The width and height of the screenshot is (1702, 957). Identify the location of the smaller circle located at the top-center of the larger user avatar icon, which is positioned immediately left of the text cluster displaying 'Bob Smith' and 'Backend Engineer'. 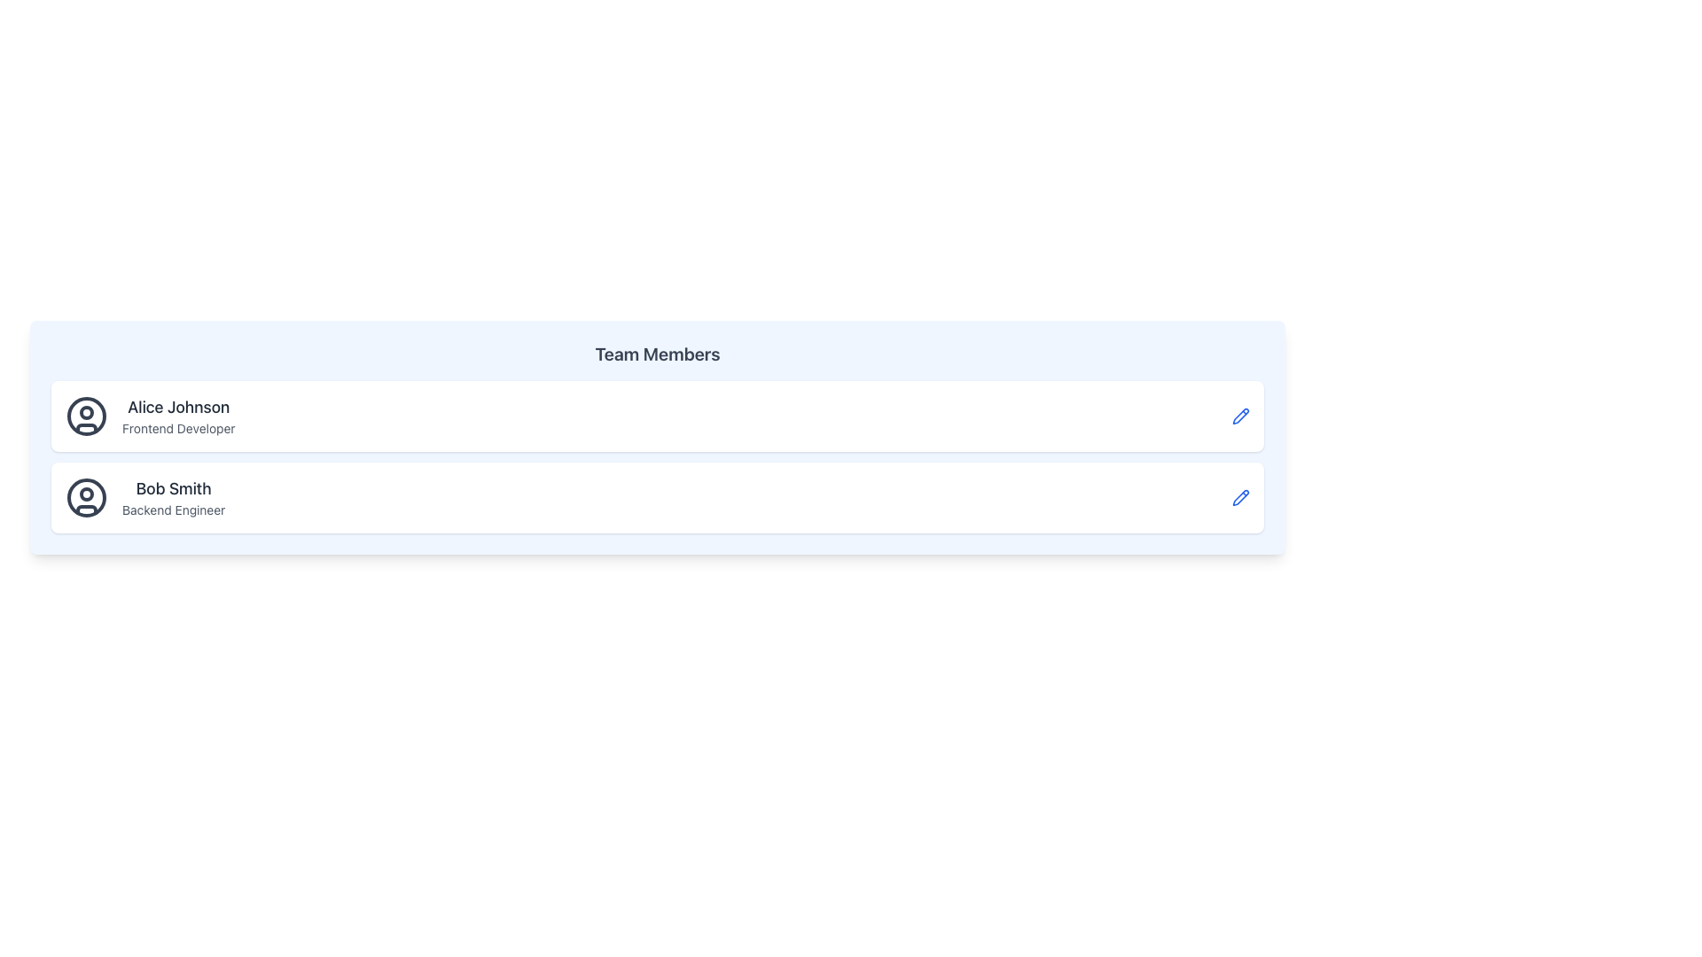
(85, 494).